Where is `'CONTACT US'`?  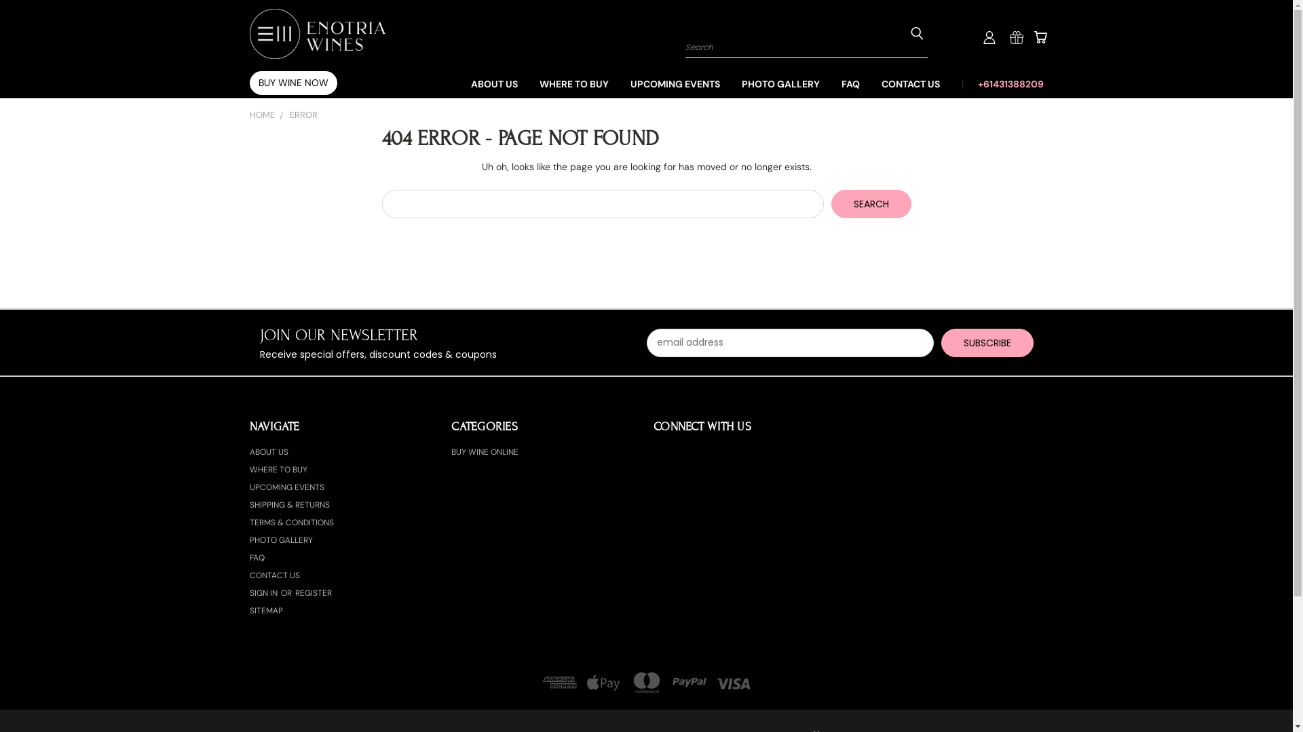
'CONTACT US' is located at coordinates (909, 83).